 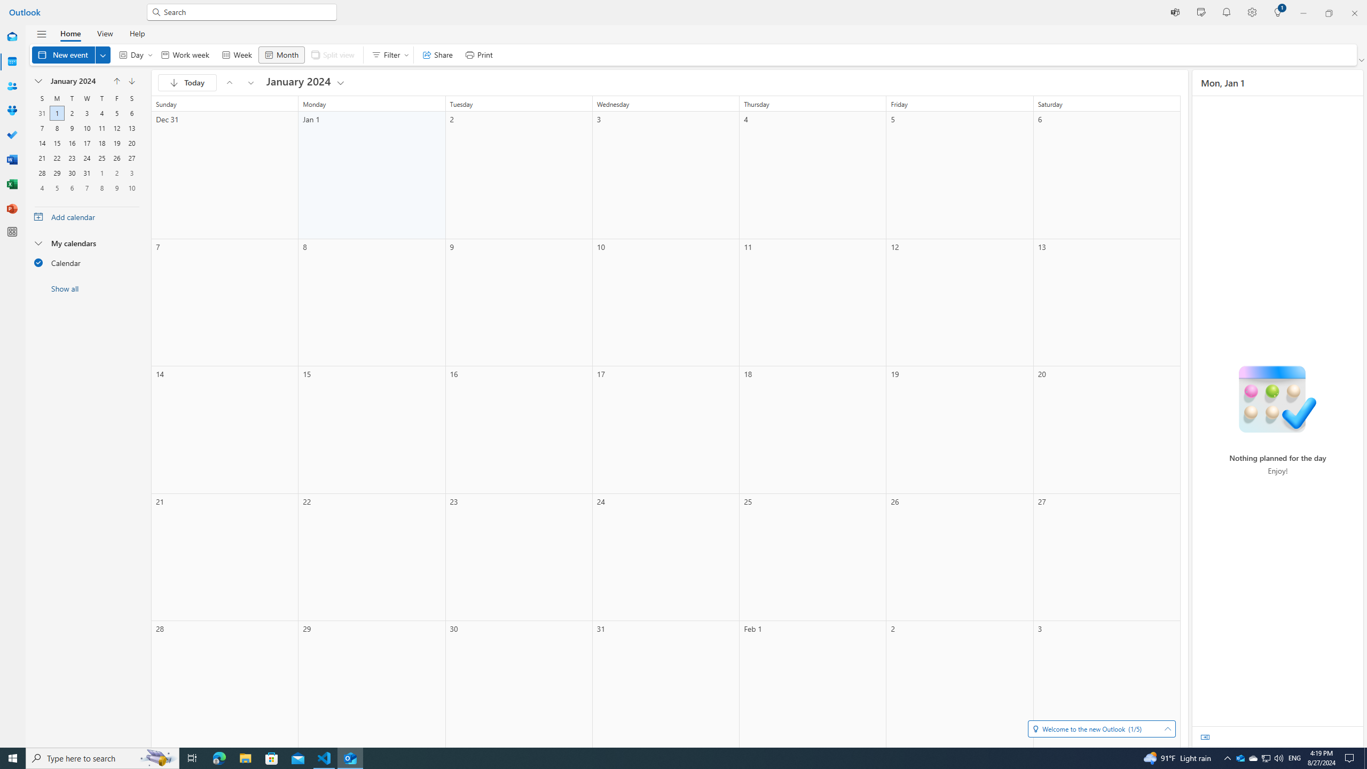 I want to click on 'System', so click(x=6, y=5).